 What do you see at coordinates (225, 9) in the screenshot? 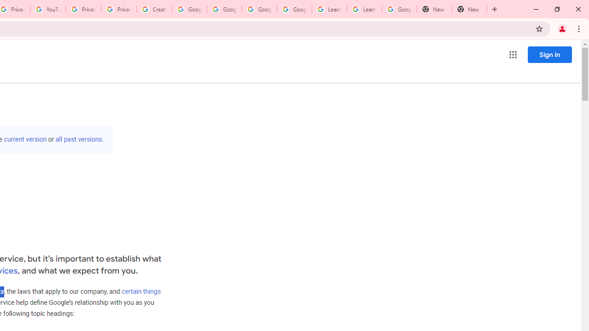
I see `'Google Account Help'` at bounding box center [225, 9].